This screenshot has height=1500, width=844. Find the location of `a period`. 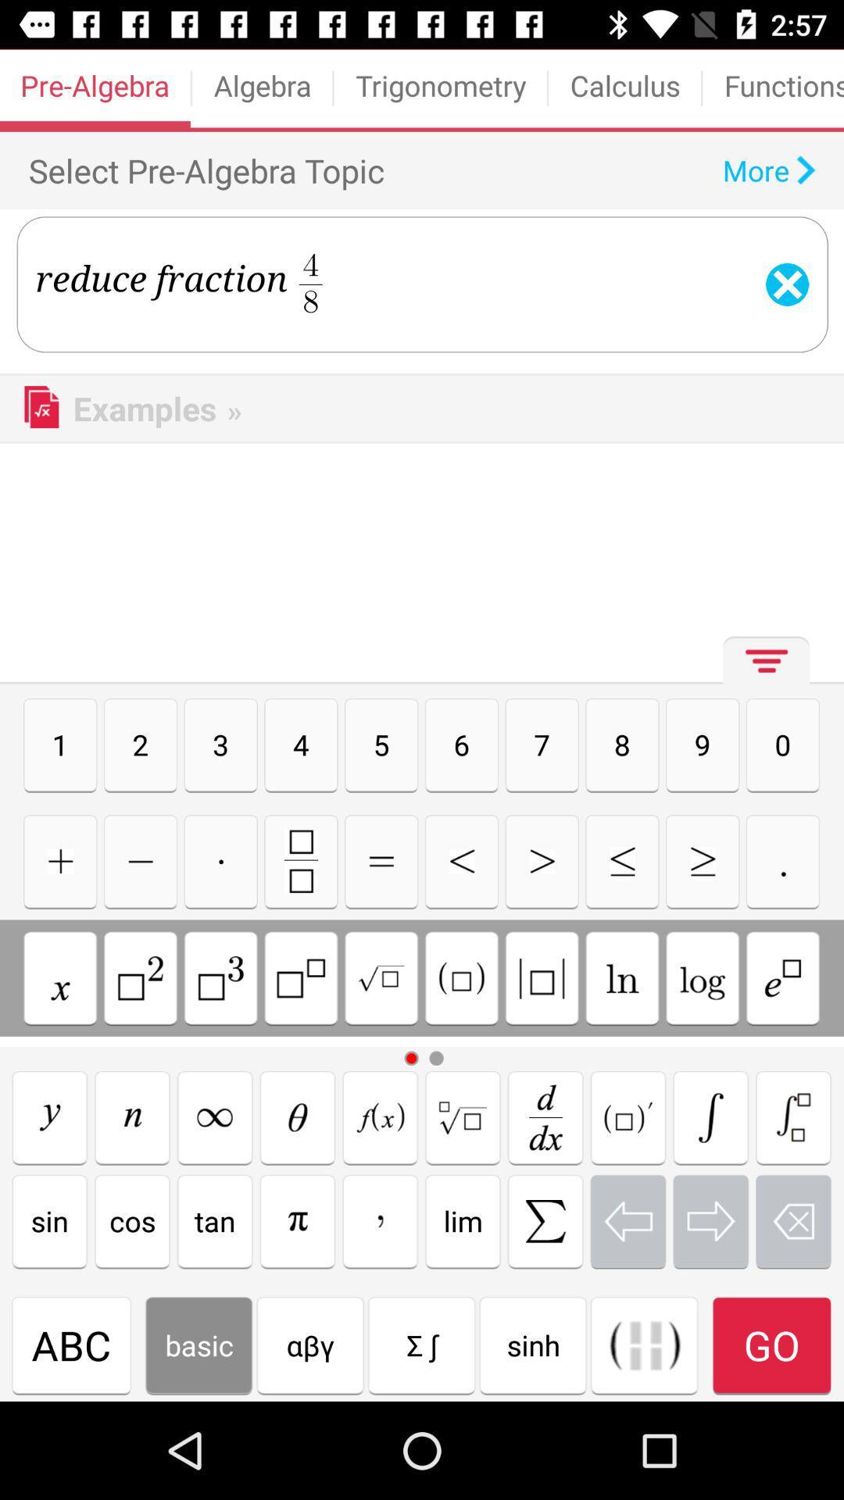

a period is located at coordinates (783, 860).